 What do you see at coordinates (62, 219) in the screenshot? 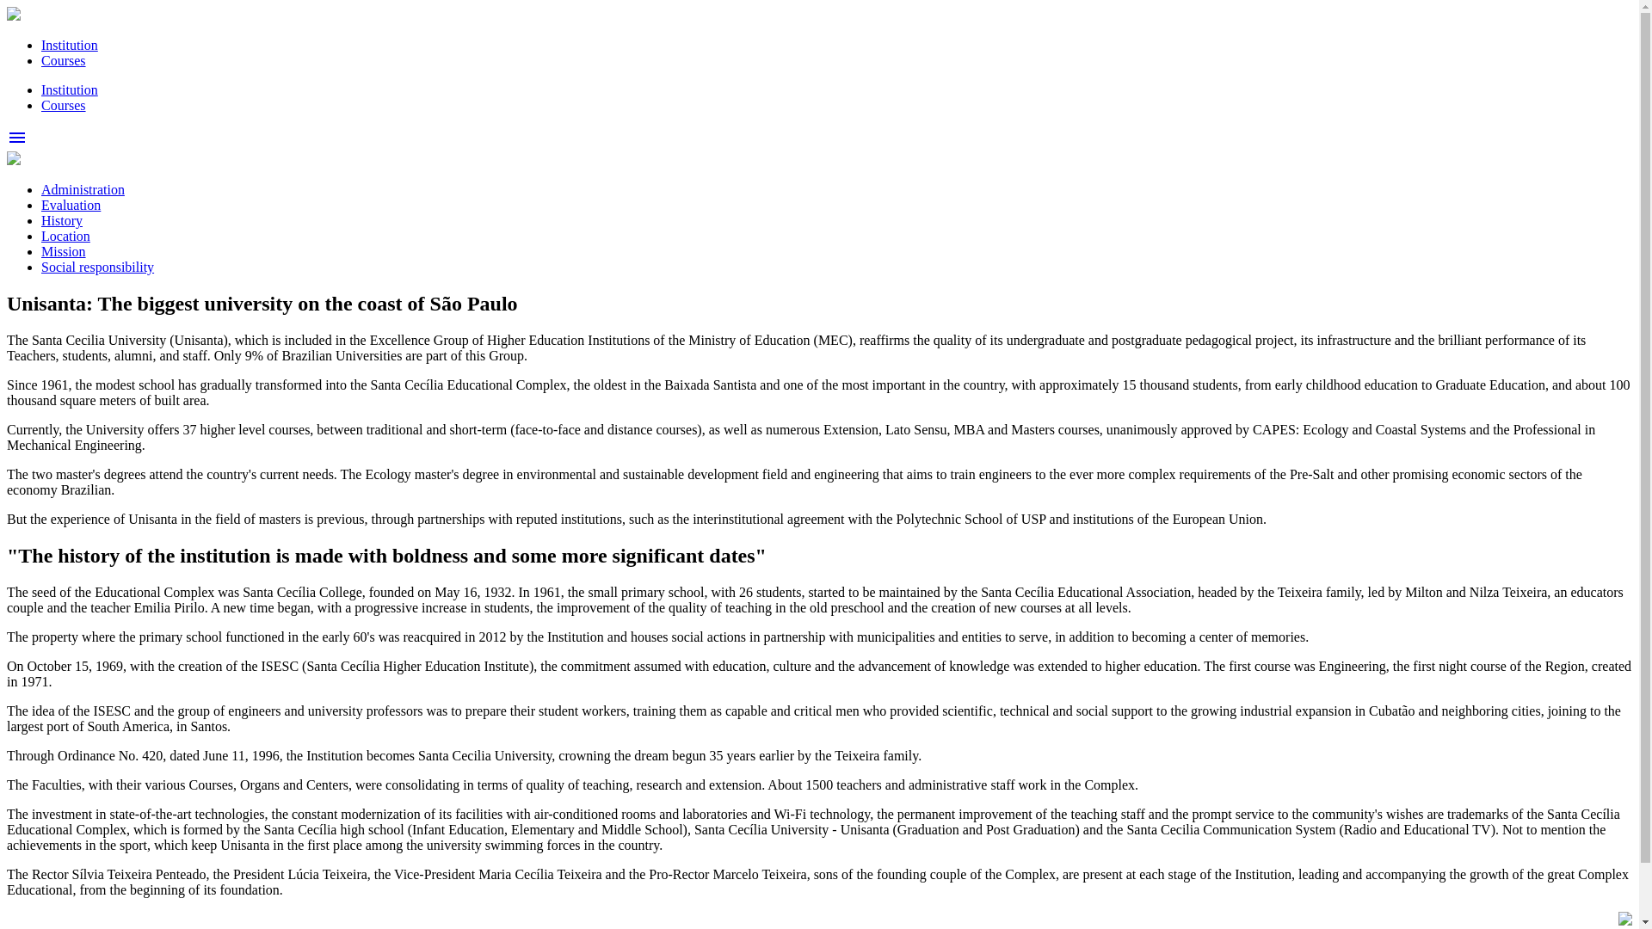
I see `'History'` at bounding box center [62, 219].